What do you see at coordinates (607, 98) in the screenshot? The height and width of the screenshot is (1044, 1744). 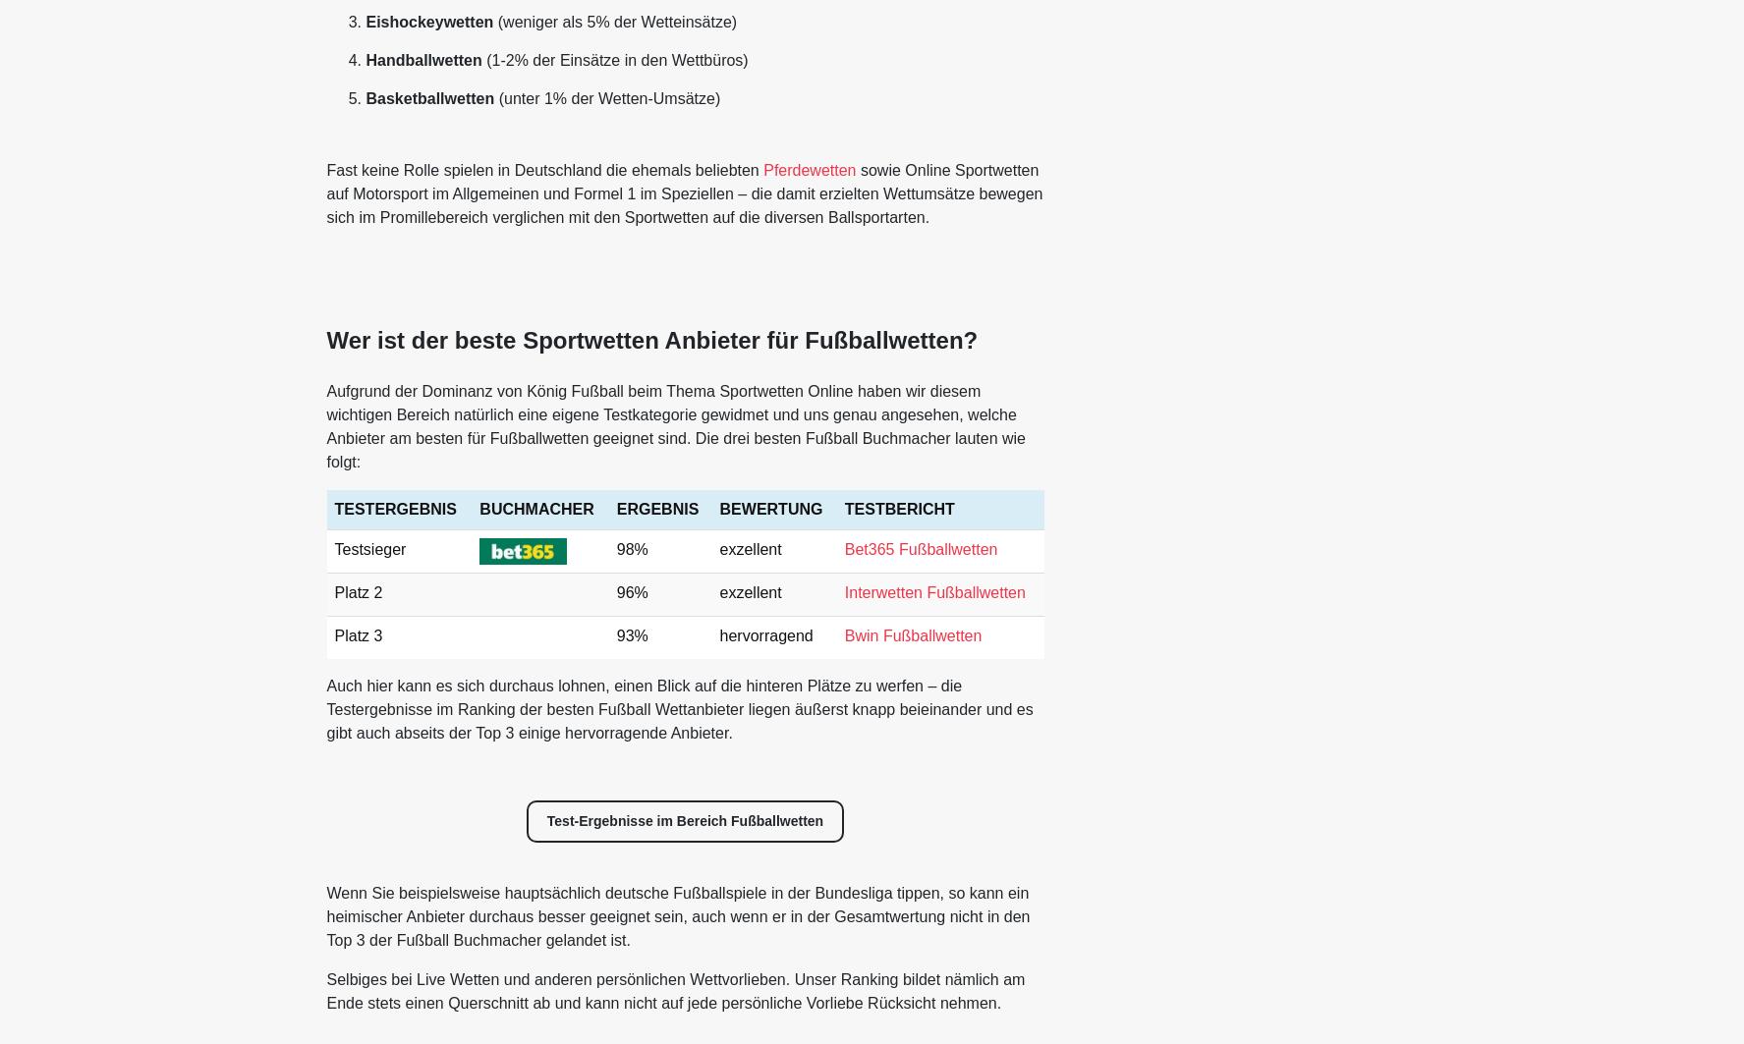 I see `'(unter 1% der Wetten-Umsätze)'` at bounding box center [607, 98].